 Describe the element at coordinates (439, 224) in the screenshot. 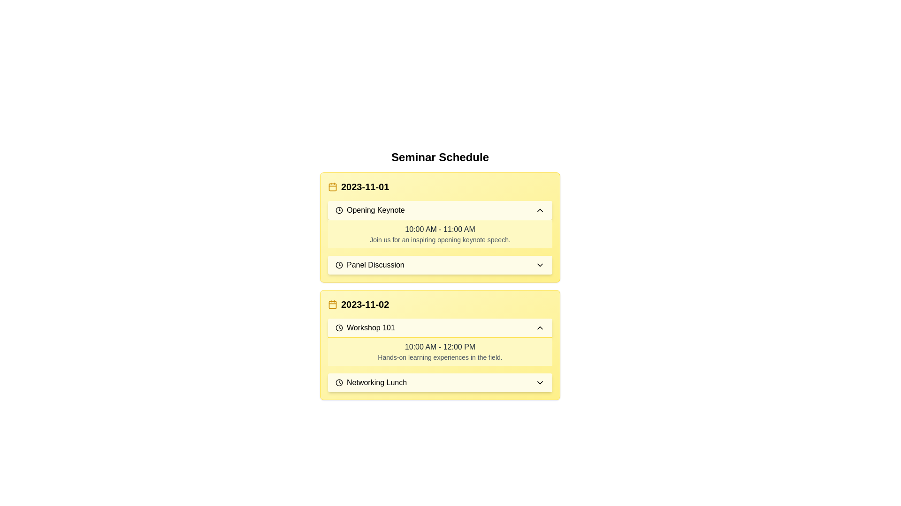

I see `the Information display section located under the date '2023-11-01', directly below the 'Opening Keynote' header` at that location.